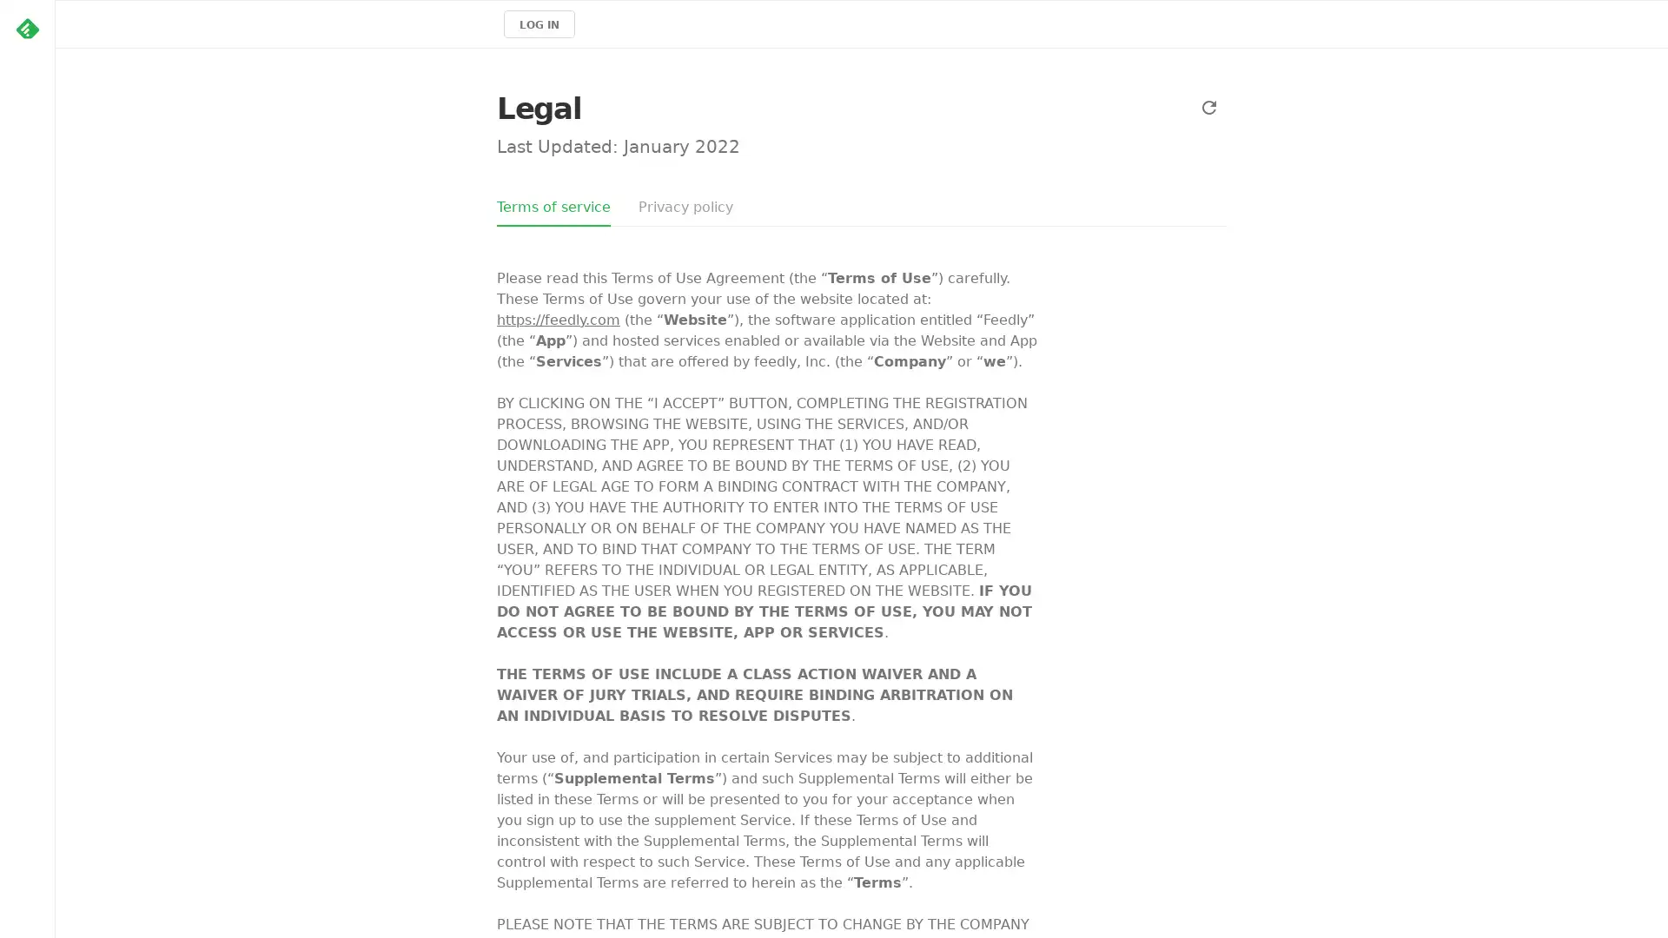  I want to click on Refresh, so click(1208, 107).